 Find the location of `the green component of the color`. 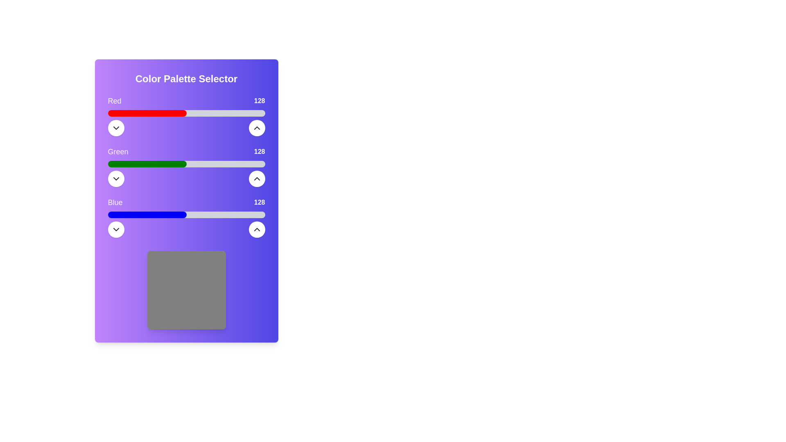

the green component of the color is located at coordinates (124, 164).